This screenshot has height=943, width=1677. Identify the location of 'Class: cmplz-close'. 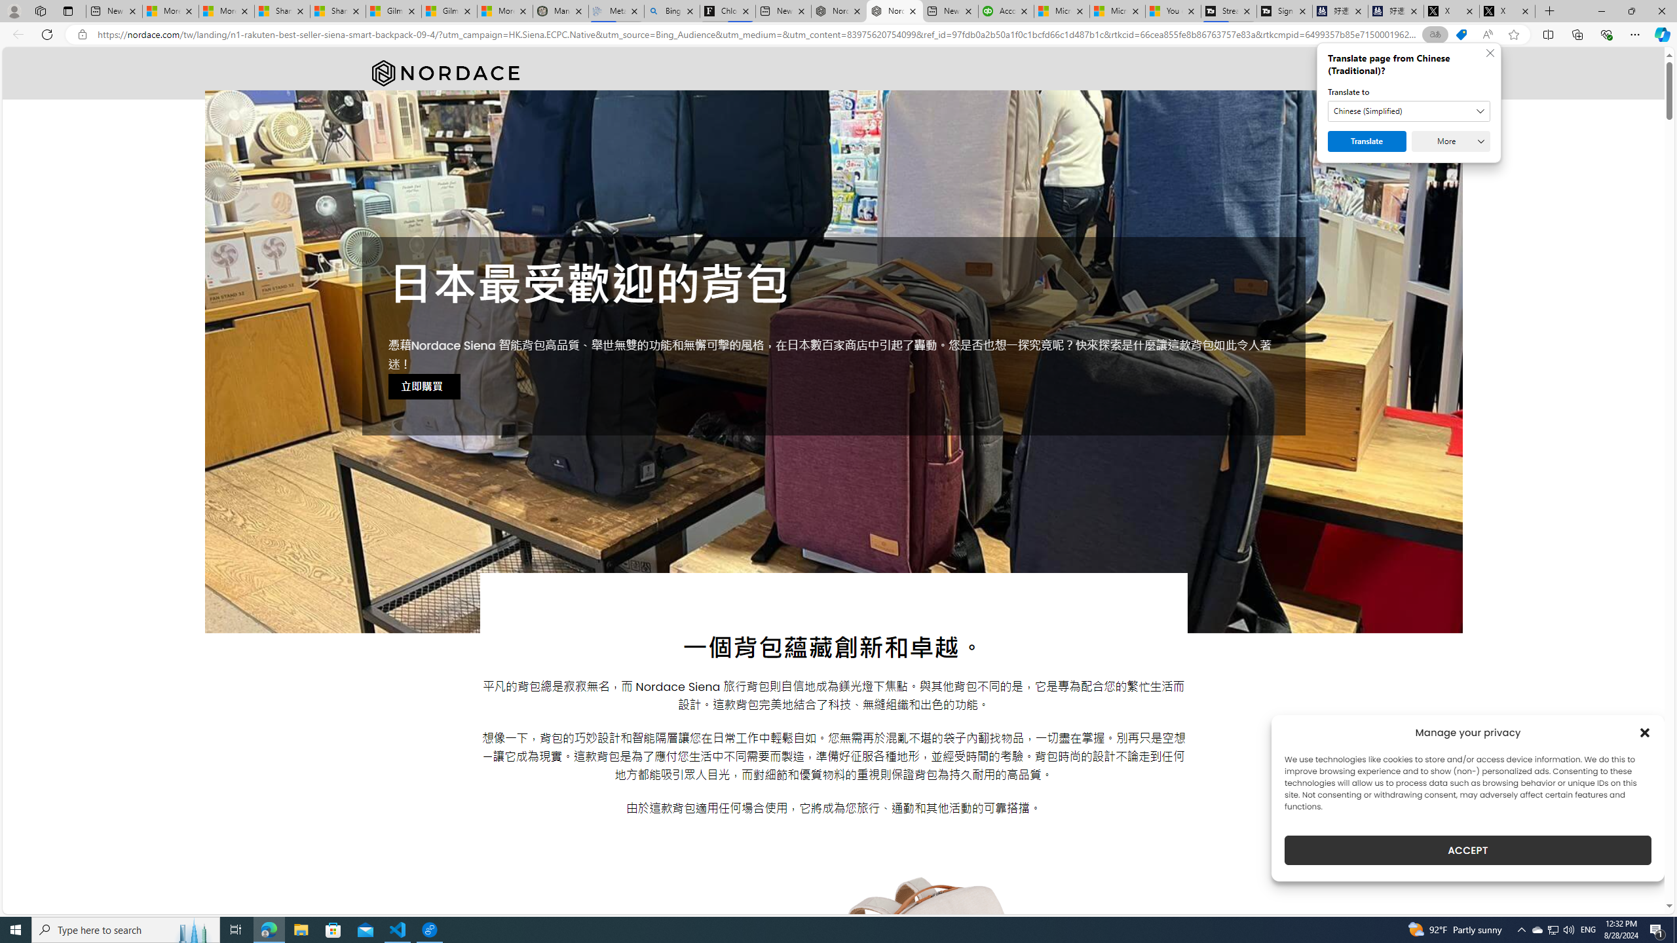
(1645, 732).